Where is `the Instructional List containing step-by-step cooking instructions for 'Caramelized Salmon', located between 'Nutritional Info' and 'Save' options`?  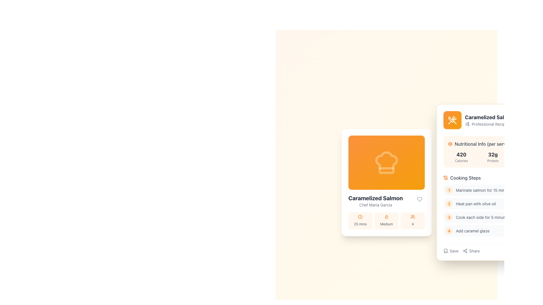
the Instructional List containing step-by-step cooking instructions for 'Caramelized Salmon', located between 'Nutritional Info' and 'Save' options is located at coordinates (492, 186).